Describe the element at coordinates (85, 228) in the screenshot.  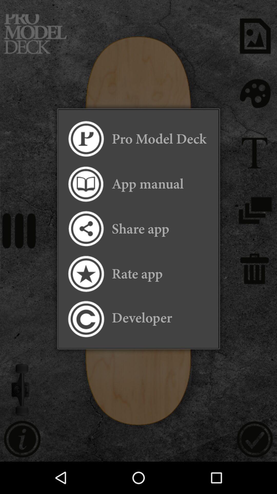
I see `app next to share app` at that location.